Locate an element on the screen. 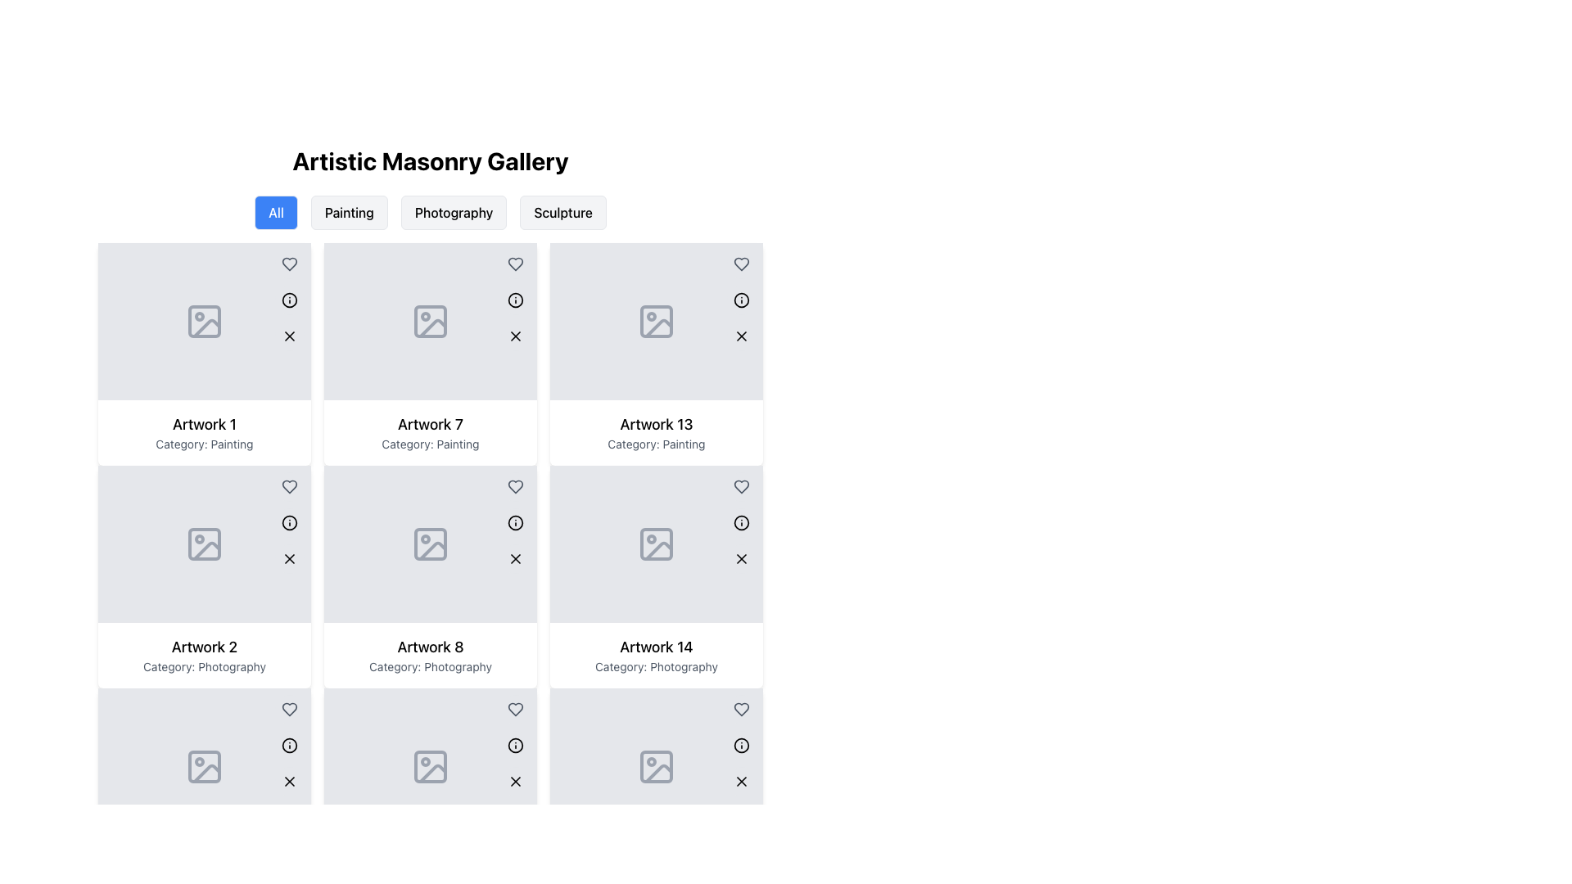 This screenshot has width=1572, height=884. the Image placeholder icon located in the top-left corner of the grid layout for 'Artwork 1 (Category: Painting)' is located at coordinates (203, 322).